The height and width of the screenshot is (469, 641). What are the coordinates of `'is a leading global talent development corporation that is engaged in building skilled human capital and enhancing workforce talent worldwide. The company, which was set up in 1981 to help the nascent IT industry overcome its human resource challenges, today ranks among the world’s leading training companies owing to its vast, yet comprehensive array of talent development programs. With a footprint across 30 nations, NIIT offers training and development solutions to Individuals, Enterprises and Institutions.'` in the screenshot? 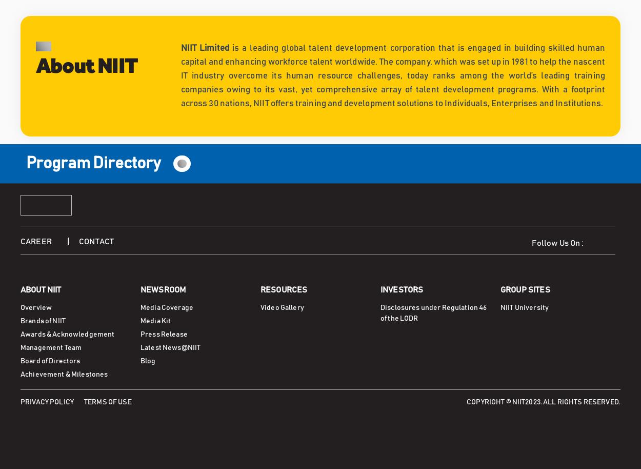 It's located at (393, 75).